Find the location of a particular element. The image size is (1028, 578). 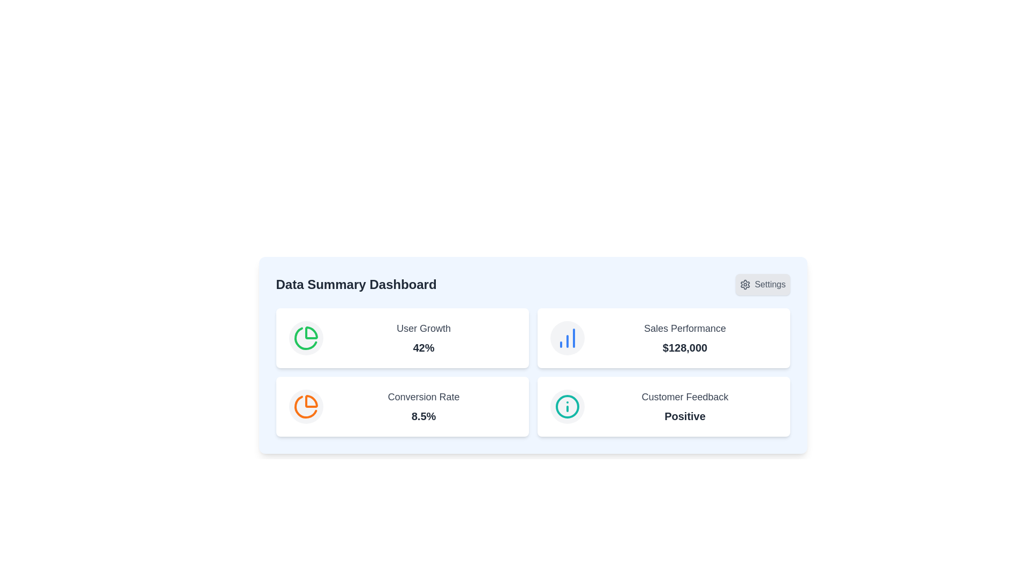

the static text label displaying the word 'Positive' in bold, extra-large dark gray font, located below 'Customer Feedback' in the bottom-right quadrant of the dashboard is located at coordinates (684, 416).